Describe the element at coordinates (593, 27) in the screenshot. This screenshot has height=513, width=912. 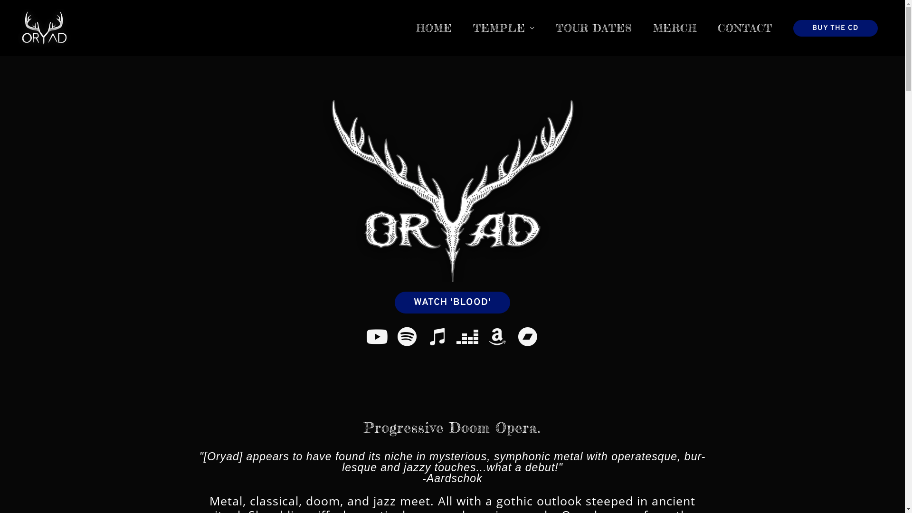
I see `'TOUR DATES'` at that location.